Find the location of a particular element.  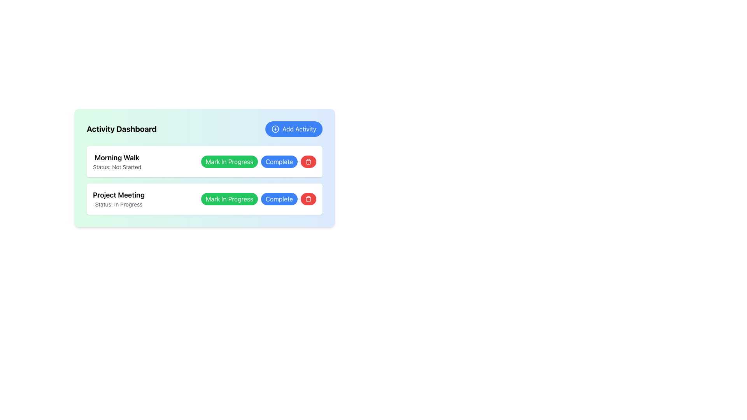

the text block that displays detailed information about the task titled 'Project Meeting' and its status 'In Progress', located in the second card of the vertical stack under 'Morning Walk' is located at coordinates (118, 199).